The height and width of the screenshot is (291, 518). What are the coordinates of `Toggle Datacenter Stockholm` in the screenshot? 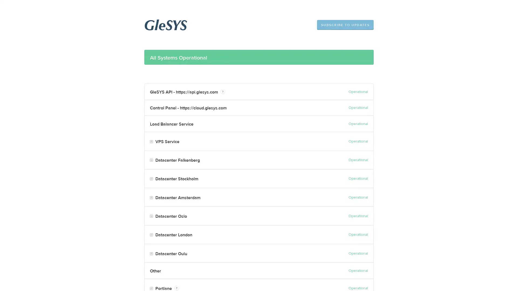 It's located at (151, 179).